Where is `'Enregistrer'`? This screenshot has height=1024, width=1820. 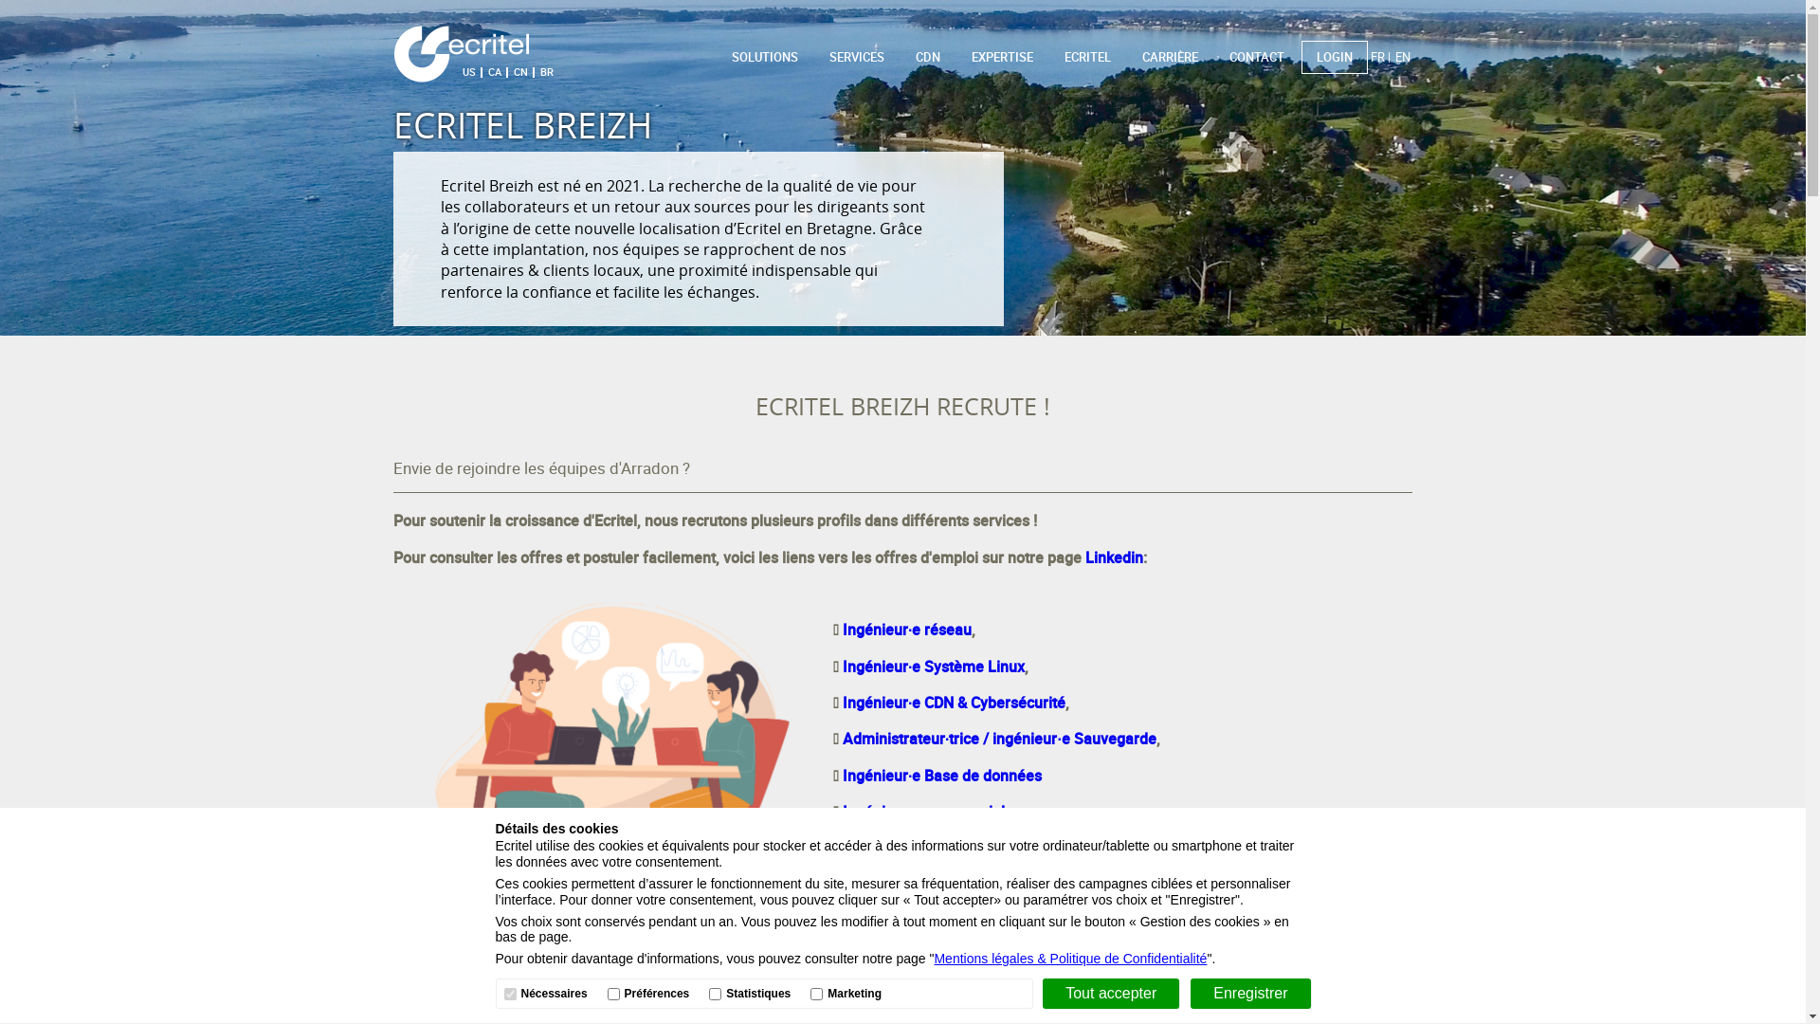 'Enregistrer' is located at coordinates (1190, 993).